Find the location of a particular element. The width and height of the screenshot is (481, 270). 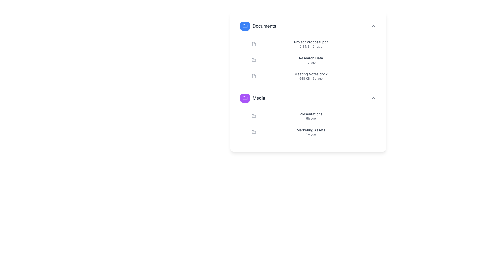

the folder icon with a blue outline and light blue fill in the 'Documents' section, located near the top-left corner is located at coordinates (245, 26).